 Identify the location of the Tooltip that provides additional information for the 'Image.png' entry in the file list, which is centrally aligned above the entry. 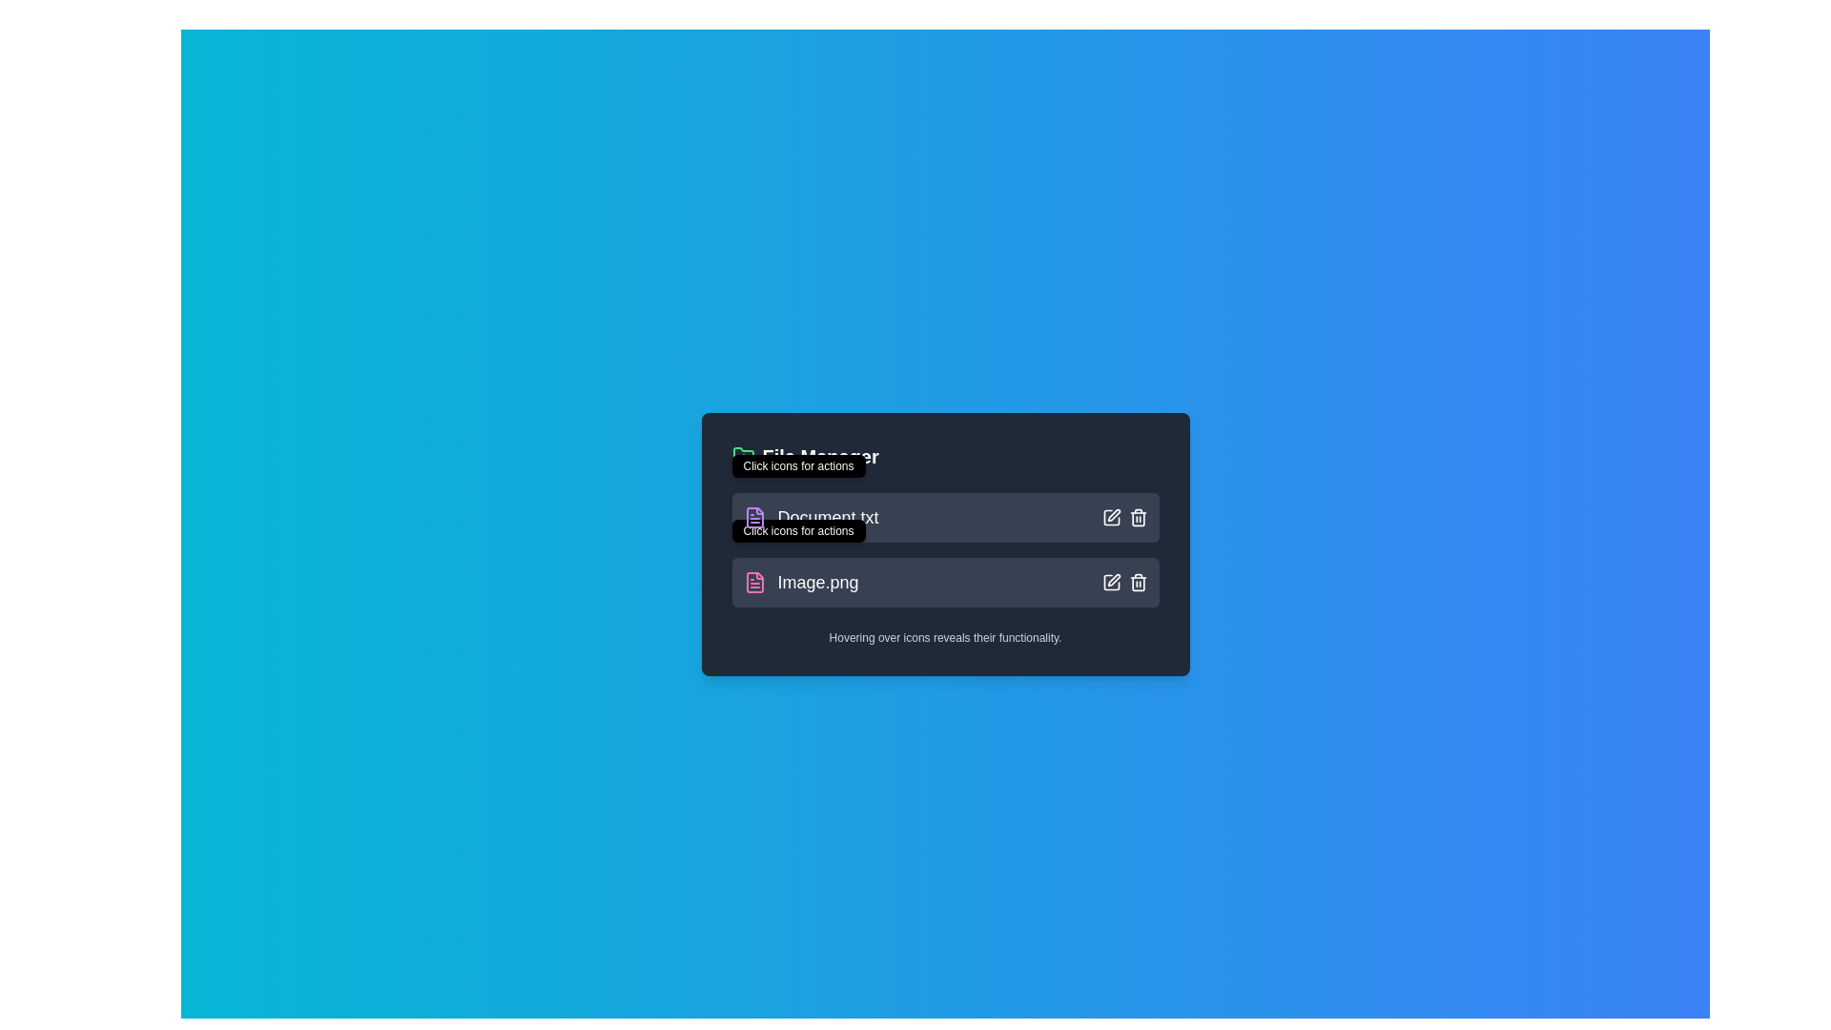
(798, 530).